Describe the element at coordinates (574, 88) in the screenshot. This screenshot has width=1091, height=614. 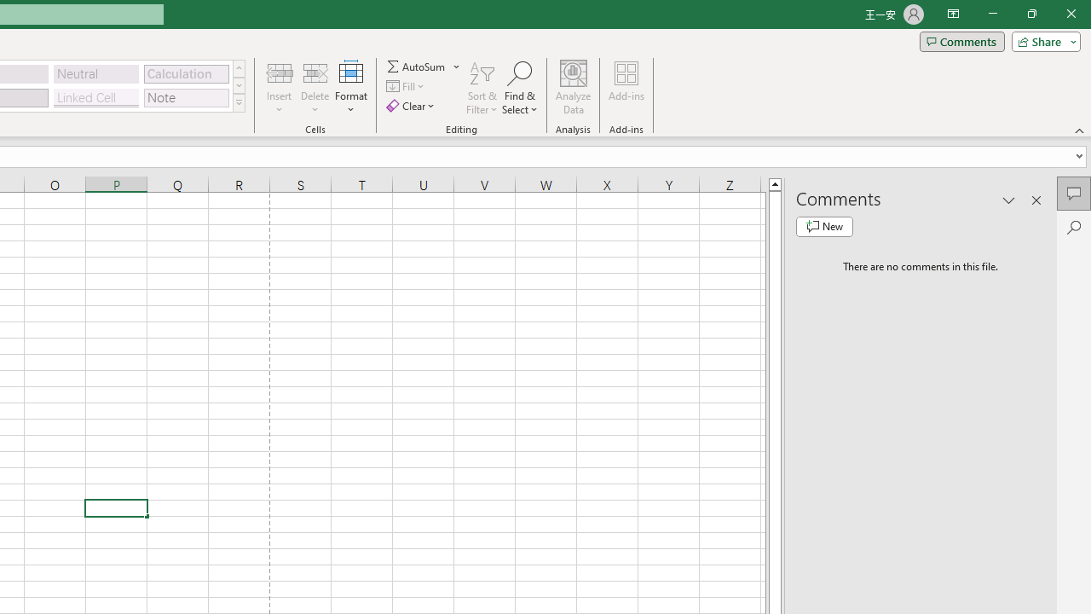
I see `'Analyze Data'` at that location.